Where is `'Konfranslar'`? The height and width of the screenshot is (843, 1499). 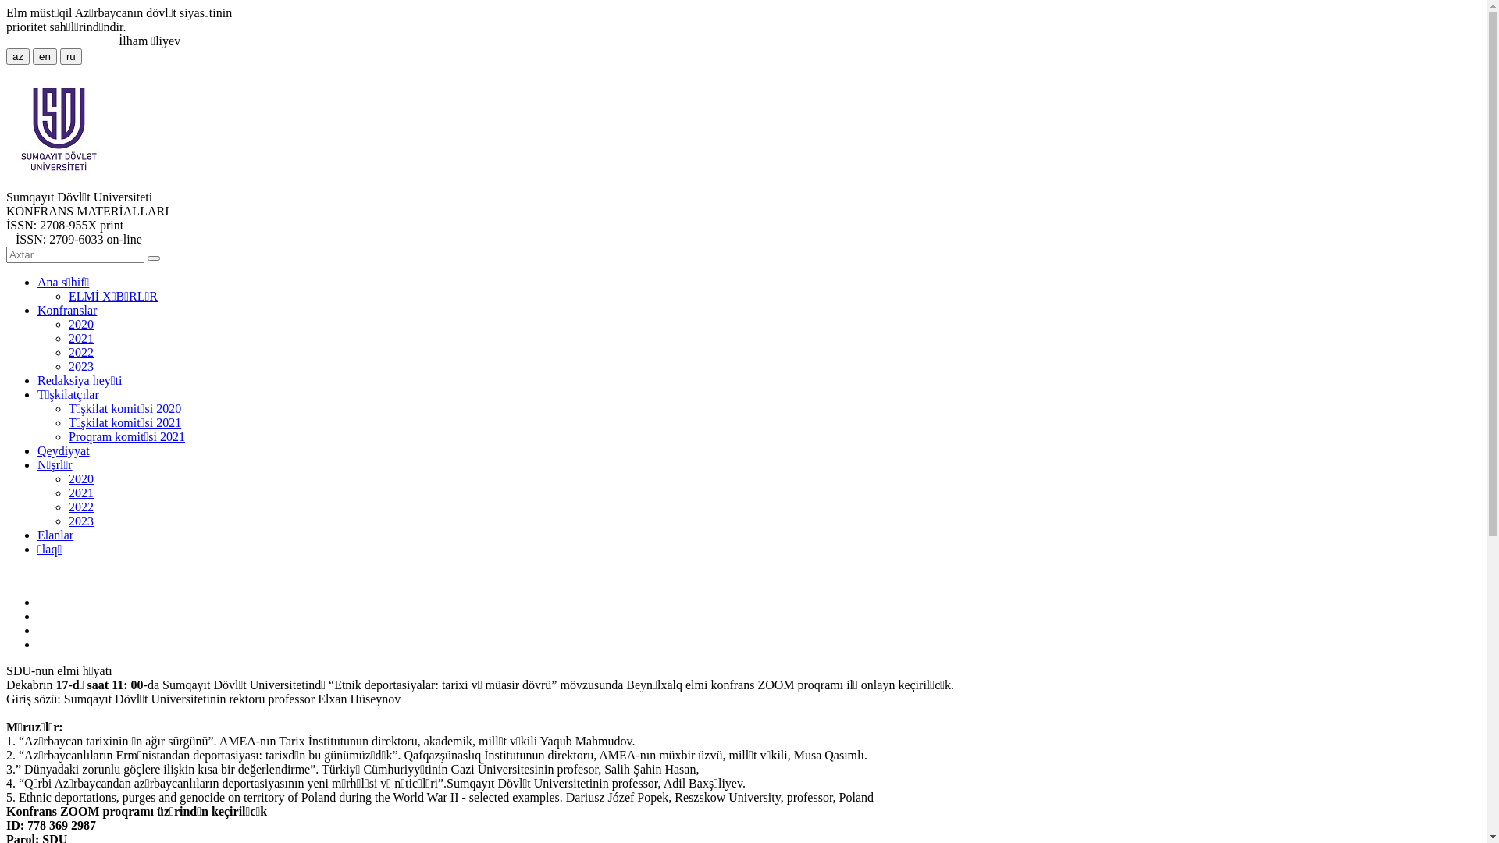
'Konfranslar' is located at coordinates (66, 310).